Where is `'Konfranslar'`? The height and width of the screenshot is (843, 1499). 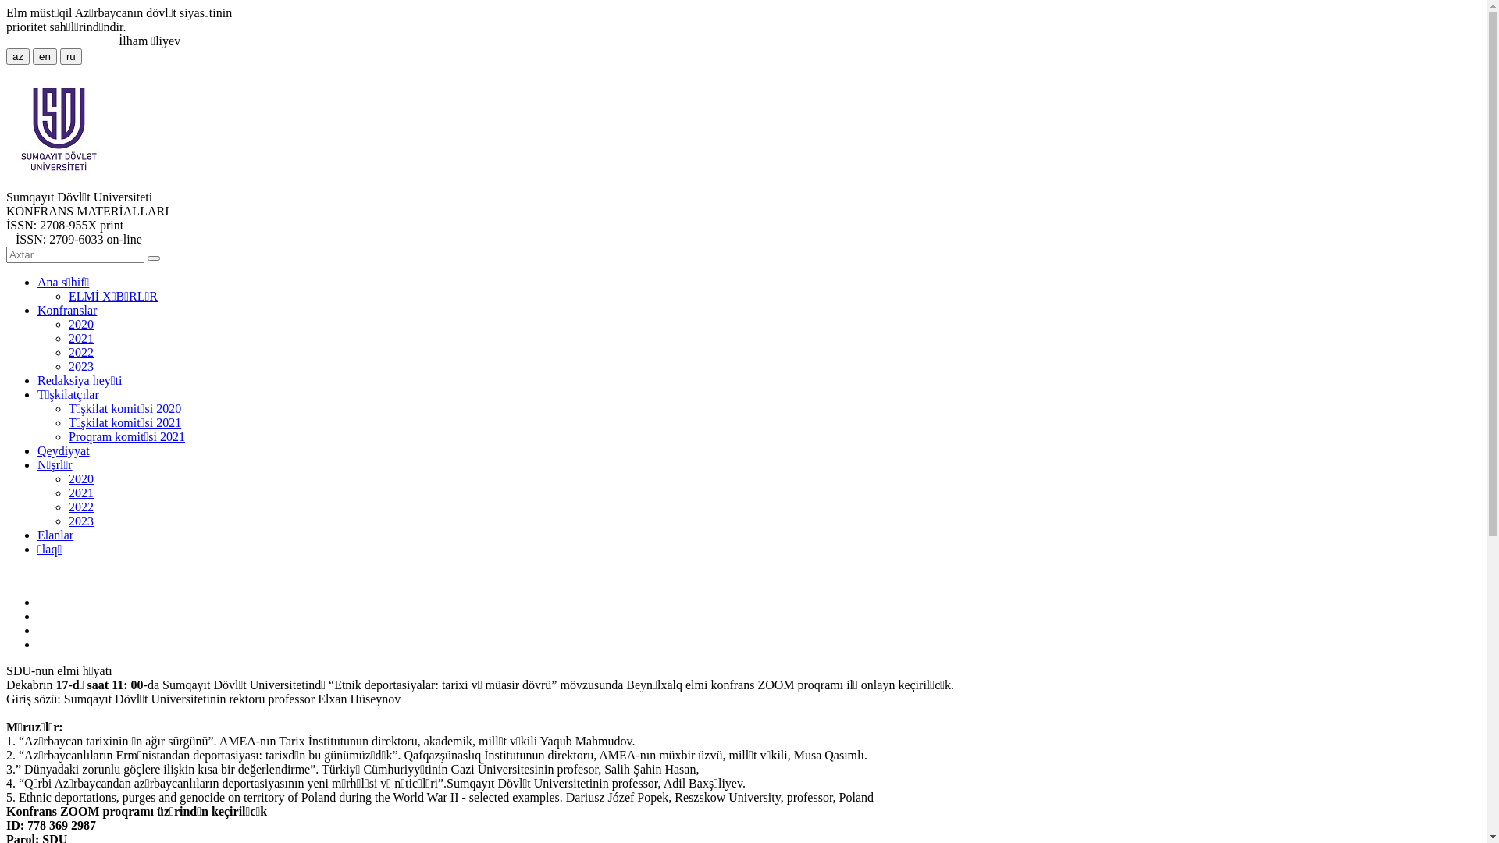
'Konfranslar' is located at coordinates (66, 310).